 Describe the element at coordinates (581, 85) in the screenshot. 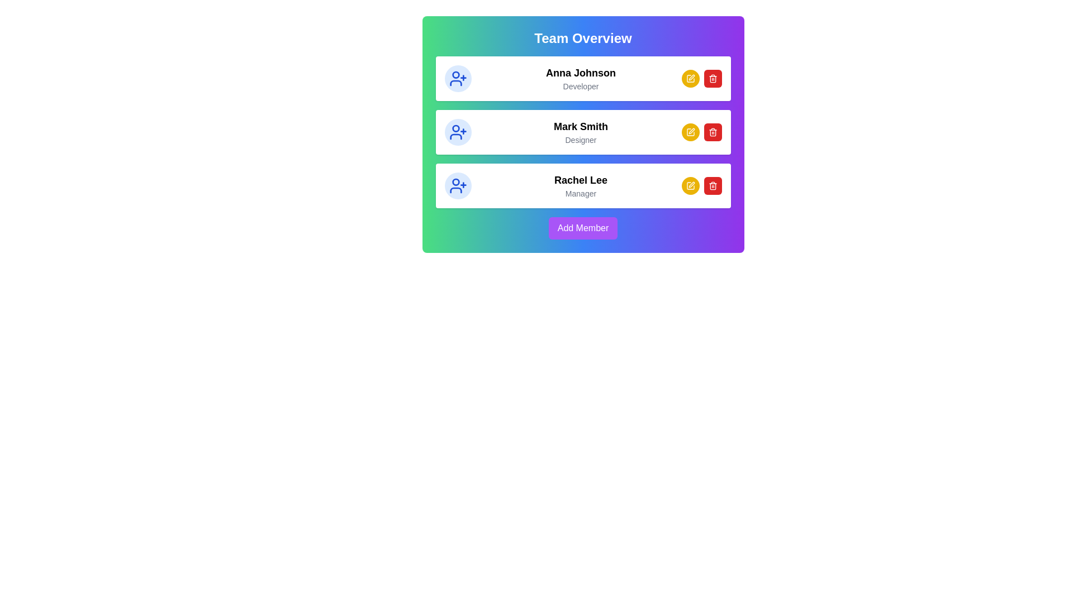

I see `the text label displaying 'Developer' located below 'Anna Johnson' in the first user card of the 'Team Overview' section` at that location.